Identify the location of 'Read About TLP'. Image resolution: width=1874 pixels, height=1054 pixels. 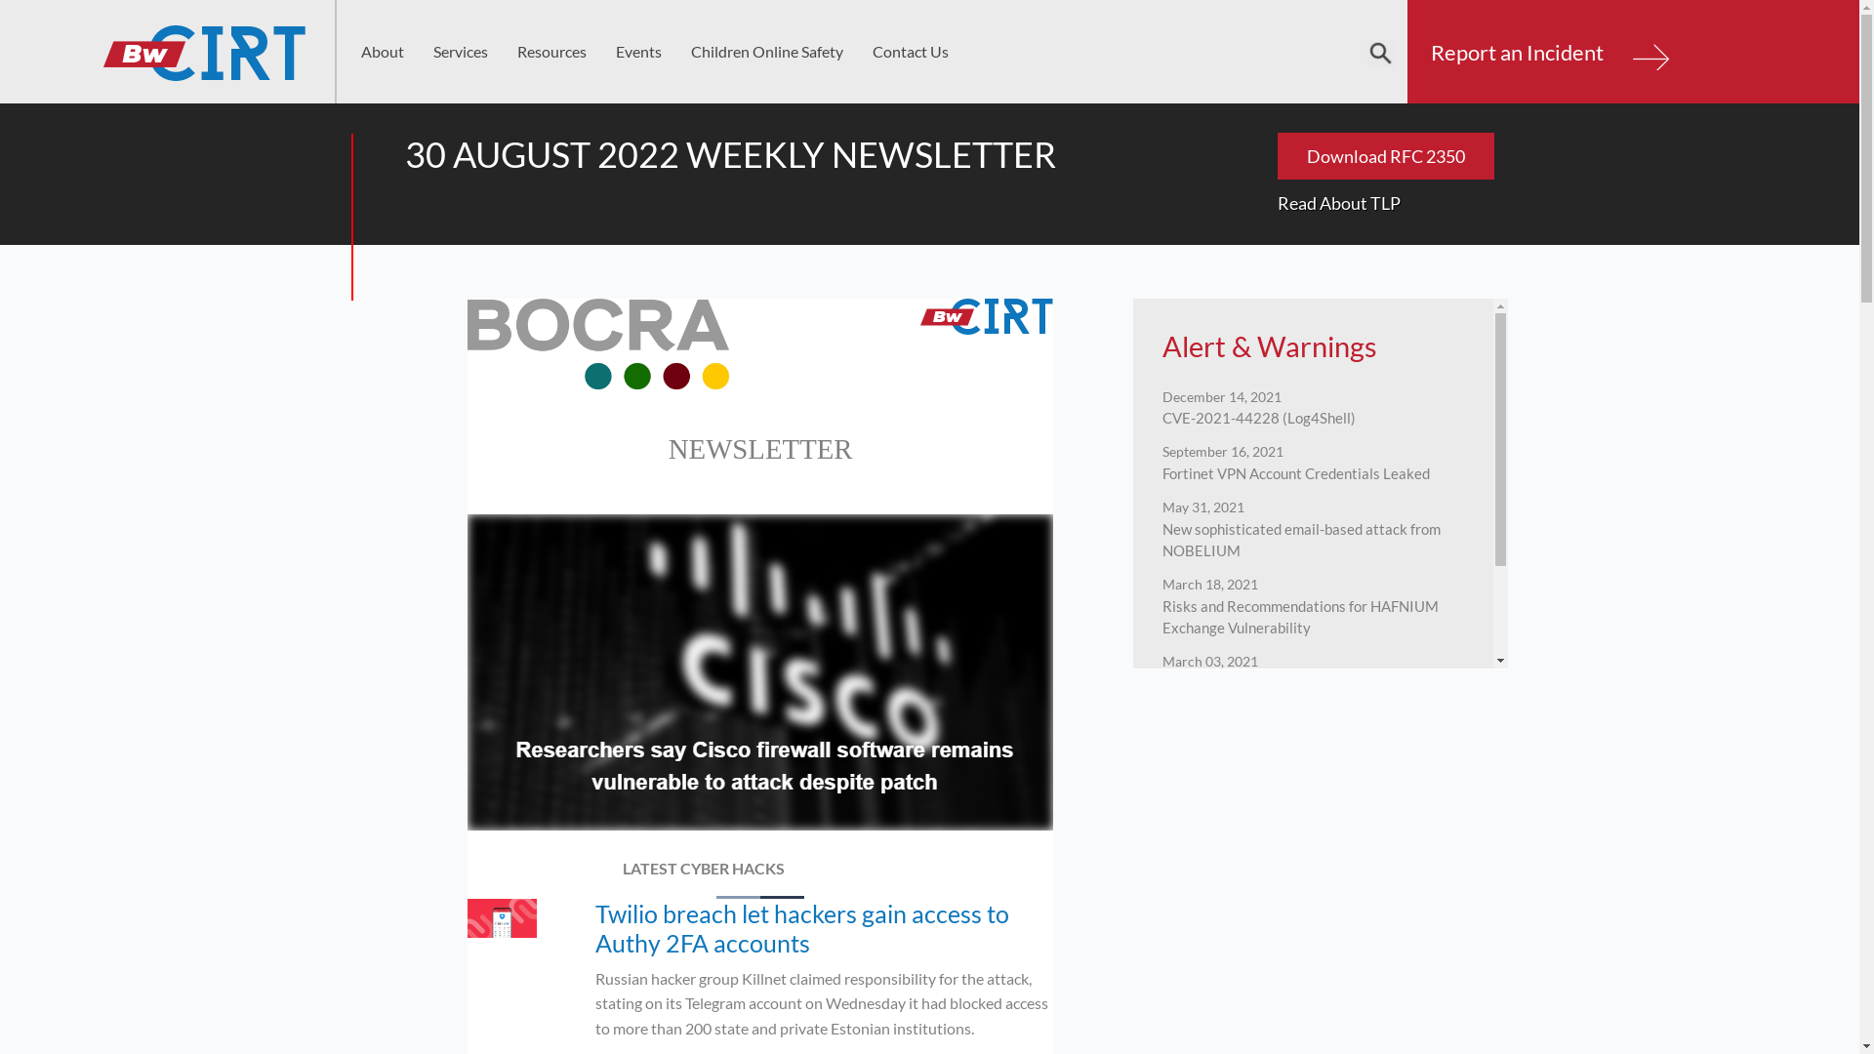
(1277, 203).